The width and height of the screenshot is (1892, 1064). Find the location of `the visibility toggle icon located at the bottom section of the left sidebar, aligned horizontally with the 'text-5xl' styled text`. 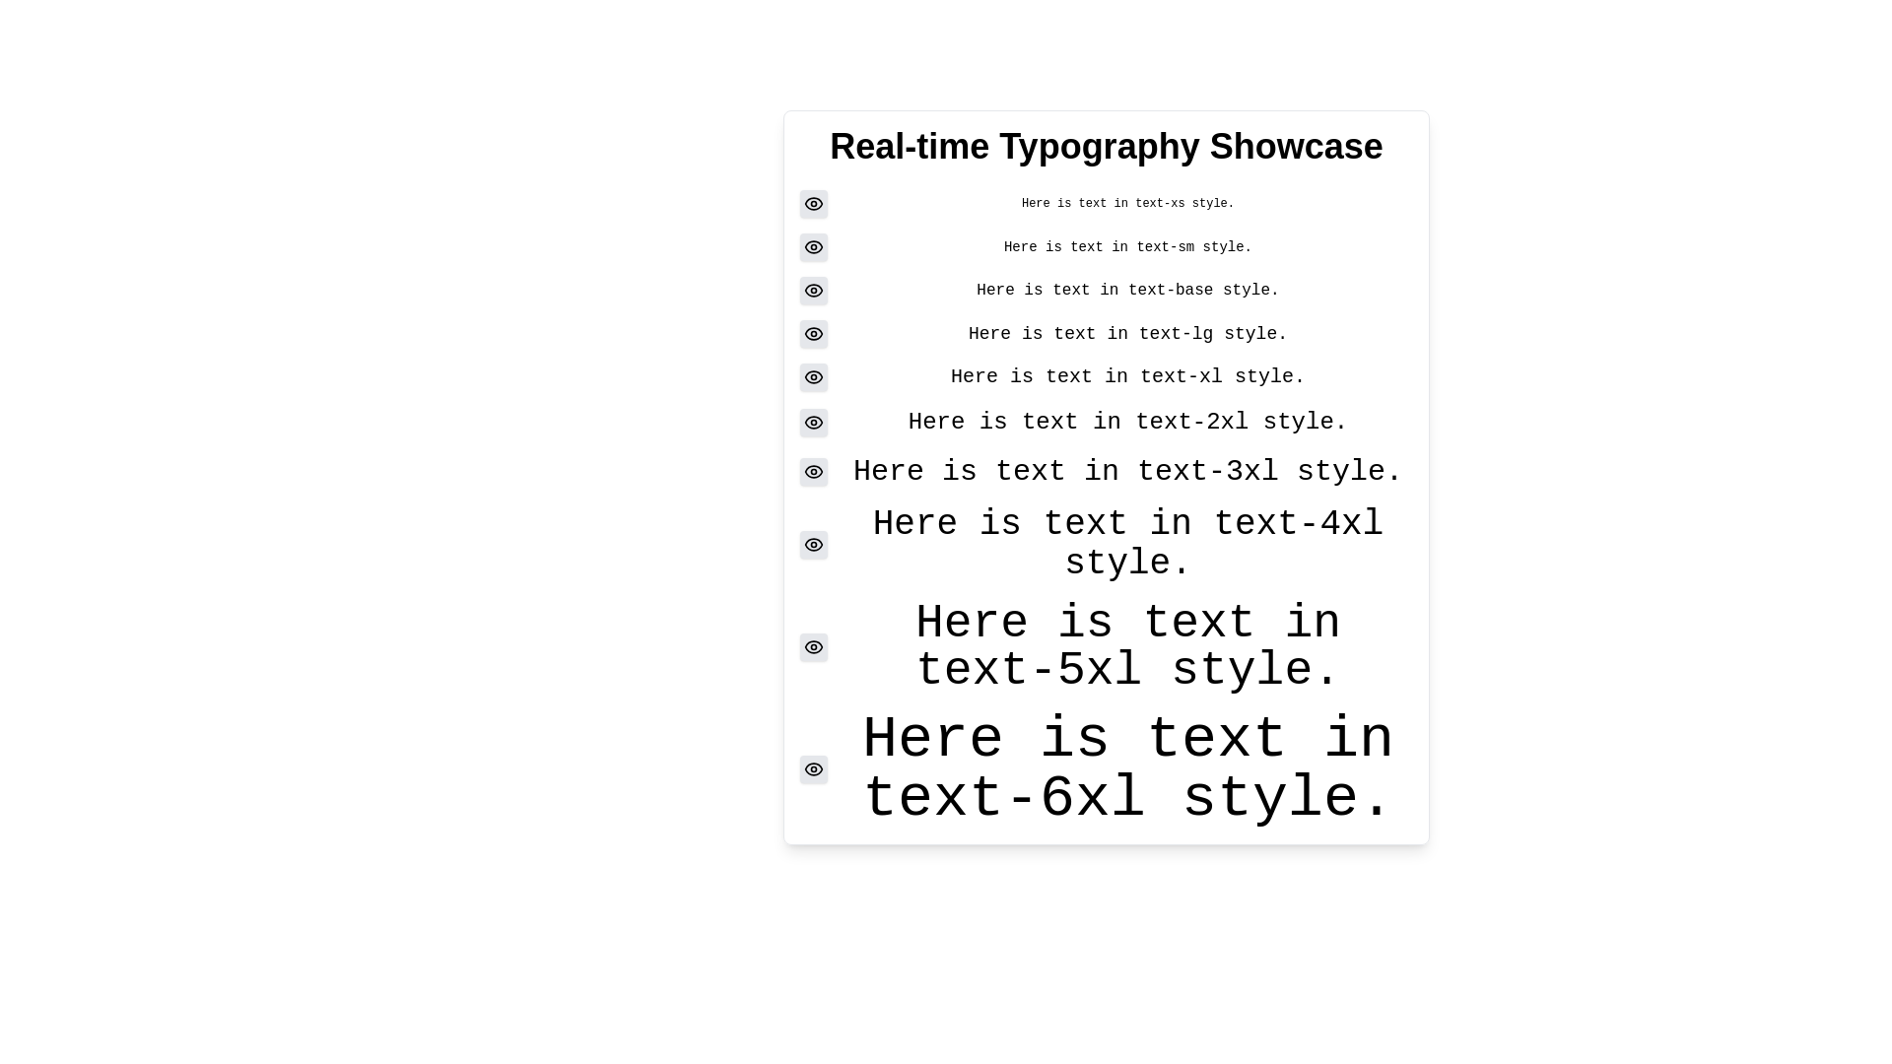

the visibility toggle icon located at the bottom section of the left sidebar, aligned horizontally with the 'text-5xl' styled text is located at coordinates (813, 646).